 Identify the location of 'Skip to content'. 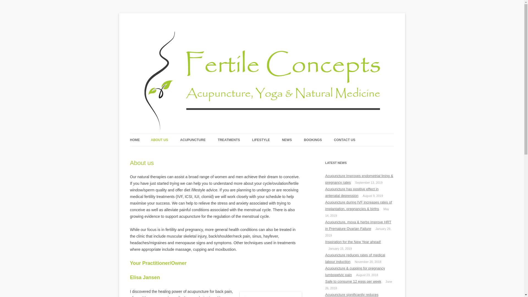
(262, 134).